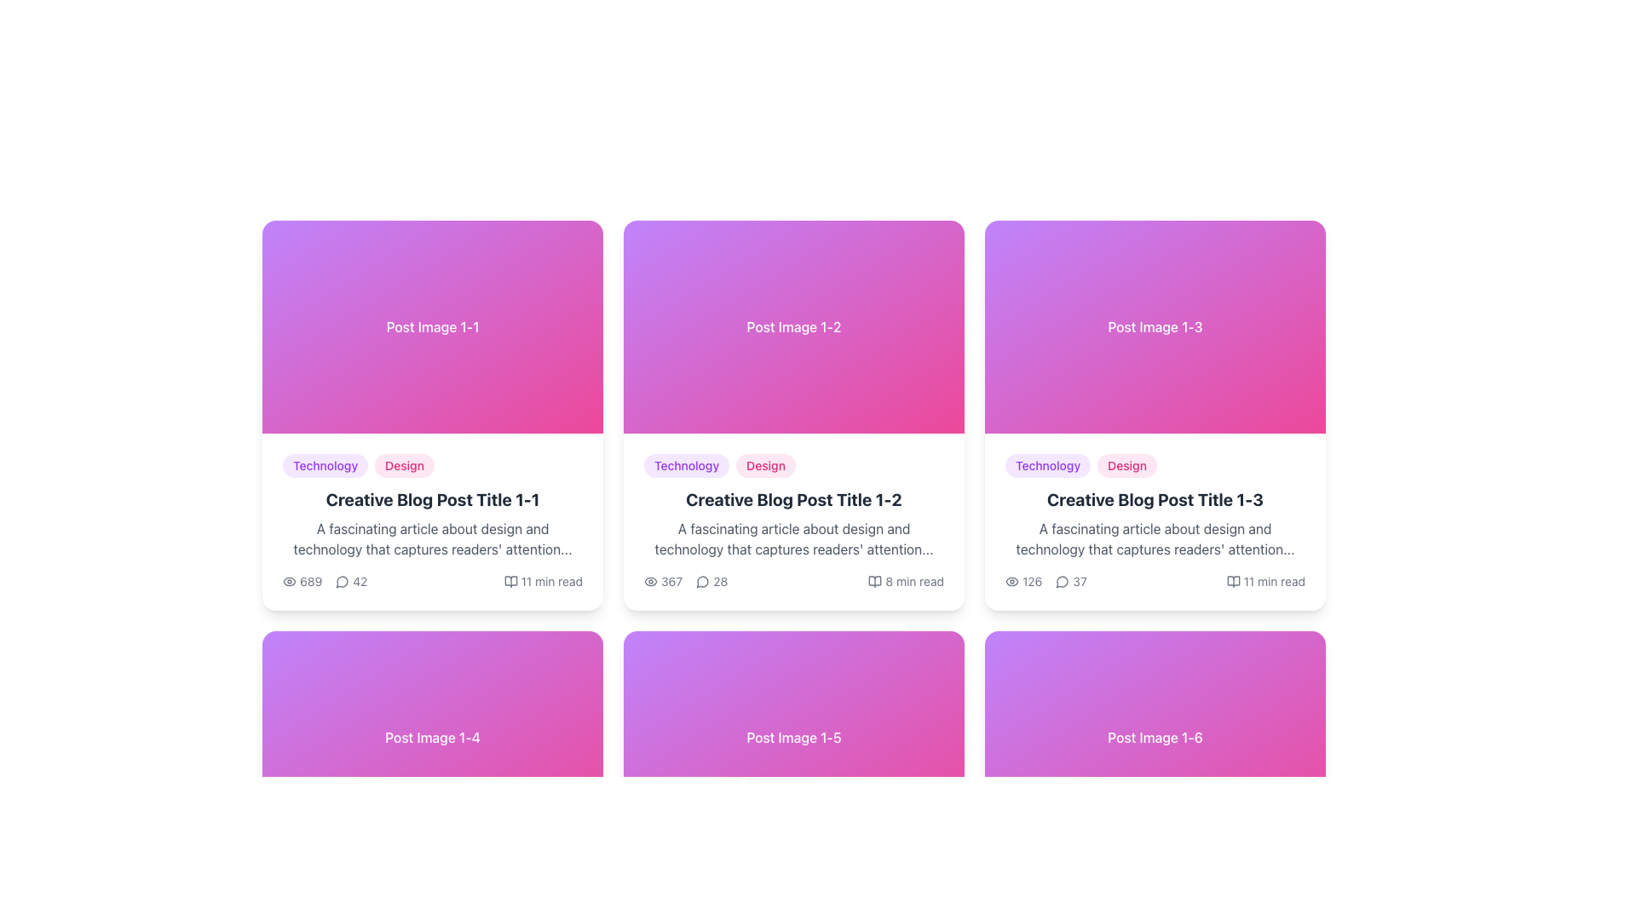  What do you see at coordinates (687, 466) in the screenshot?
I see `the button-shaped label with the text 'Technology', which is styled with rounded edges and is the first label in its group, positioned in the top metadata section of the card for 'Creative Blog Post Title 1-2'` at bounding box center [687, 466].